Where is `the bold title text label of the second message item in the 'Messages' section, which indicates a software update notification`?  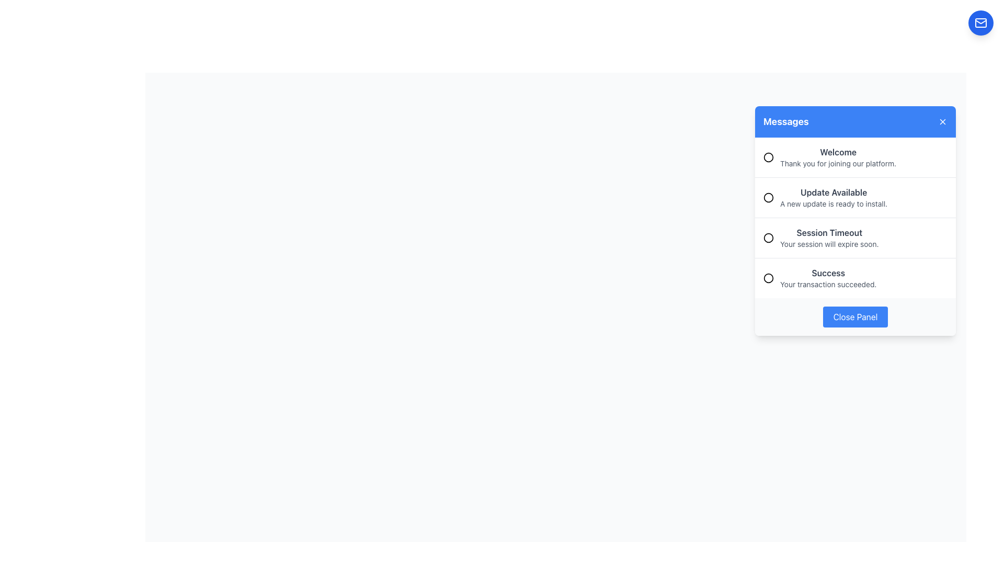 the bold title text label of the second message item in the 'Messages' section, which indicates a software update notification is located at coordinates (833, 192).